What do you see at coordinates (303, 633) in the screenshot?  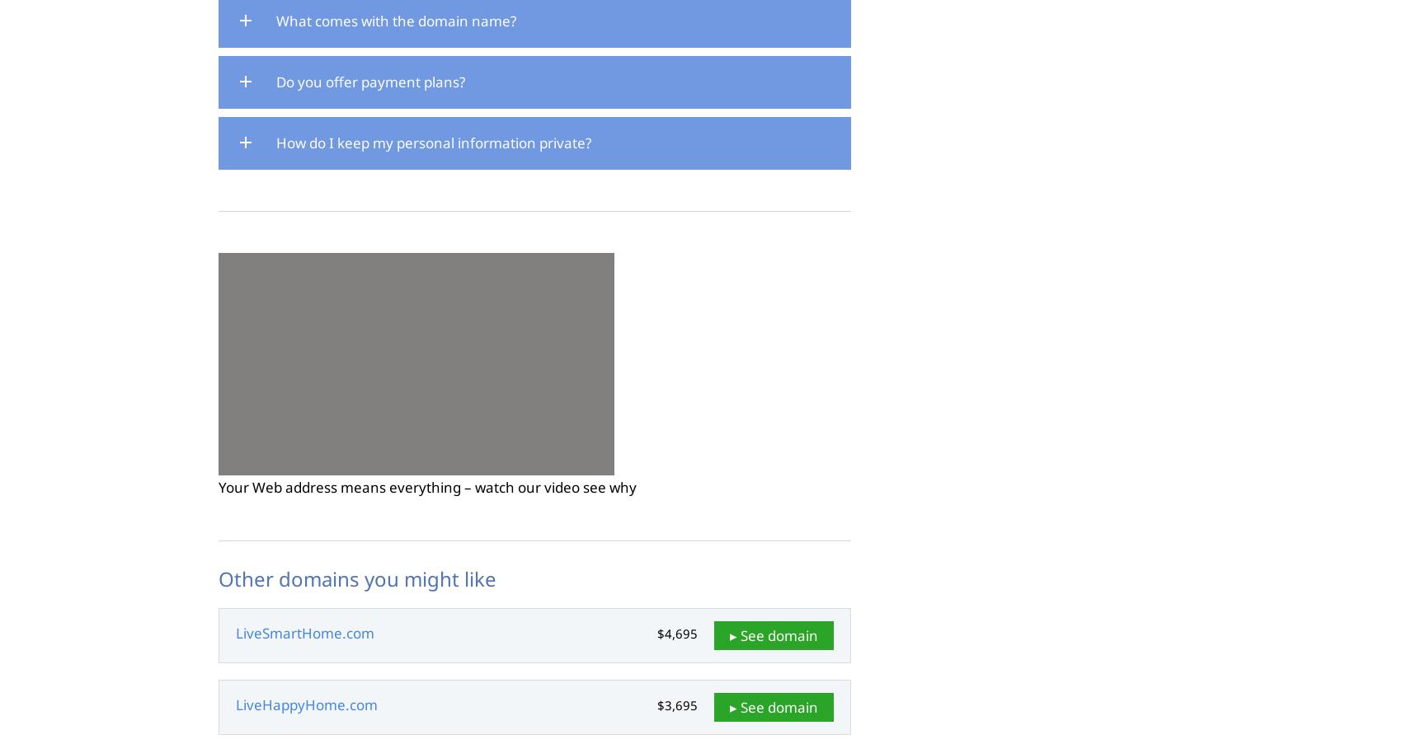 I see `'LiveSmartHome.com'` at bounding box center [303, 633].